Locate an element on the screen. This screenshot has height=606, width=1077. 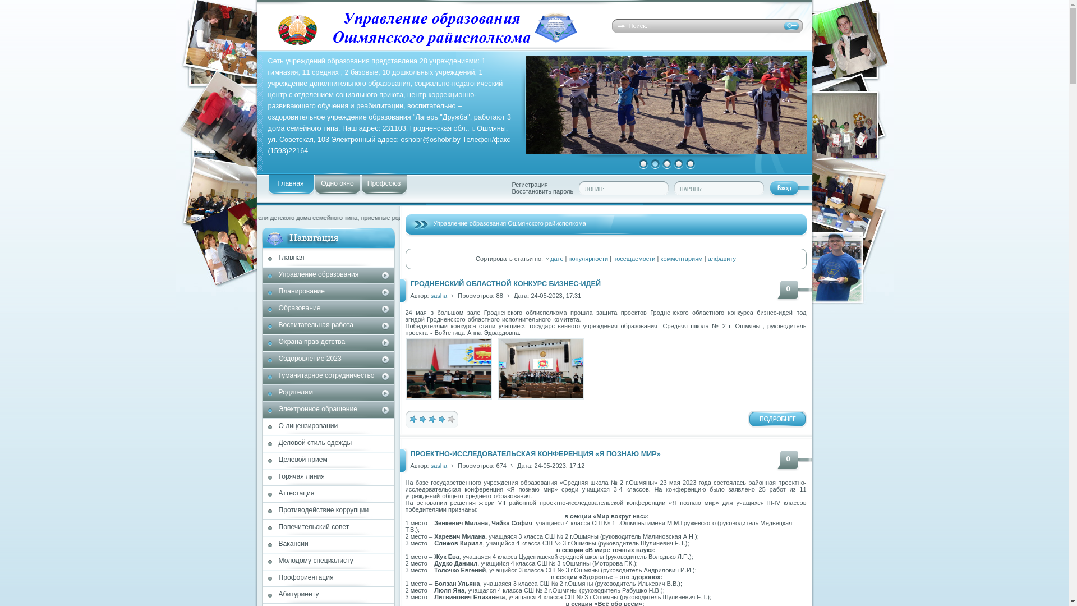
'3' is located at coordinates (431, 419).